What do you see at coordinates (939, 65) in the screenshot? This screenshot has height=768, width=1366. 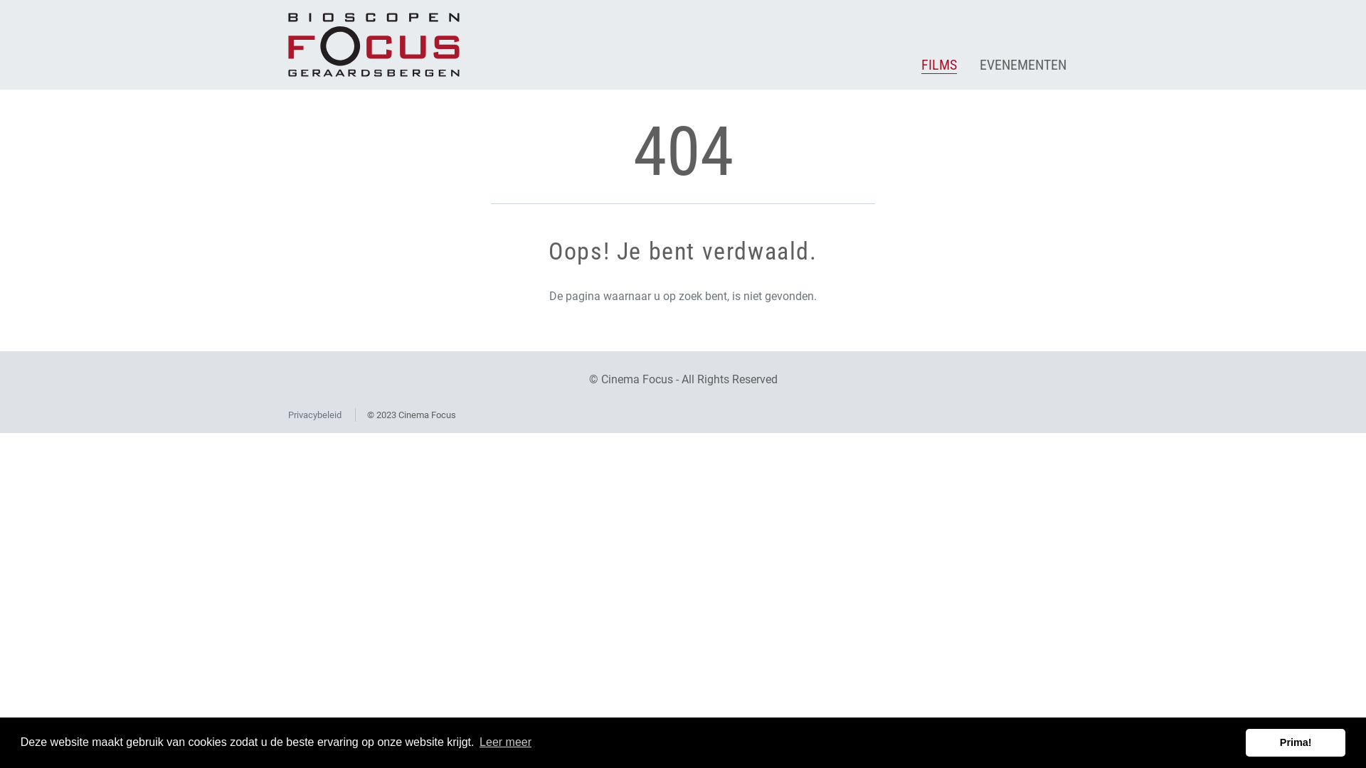 I see `'FILMS'` at bounding box center [939, 65].